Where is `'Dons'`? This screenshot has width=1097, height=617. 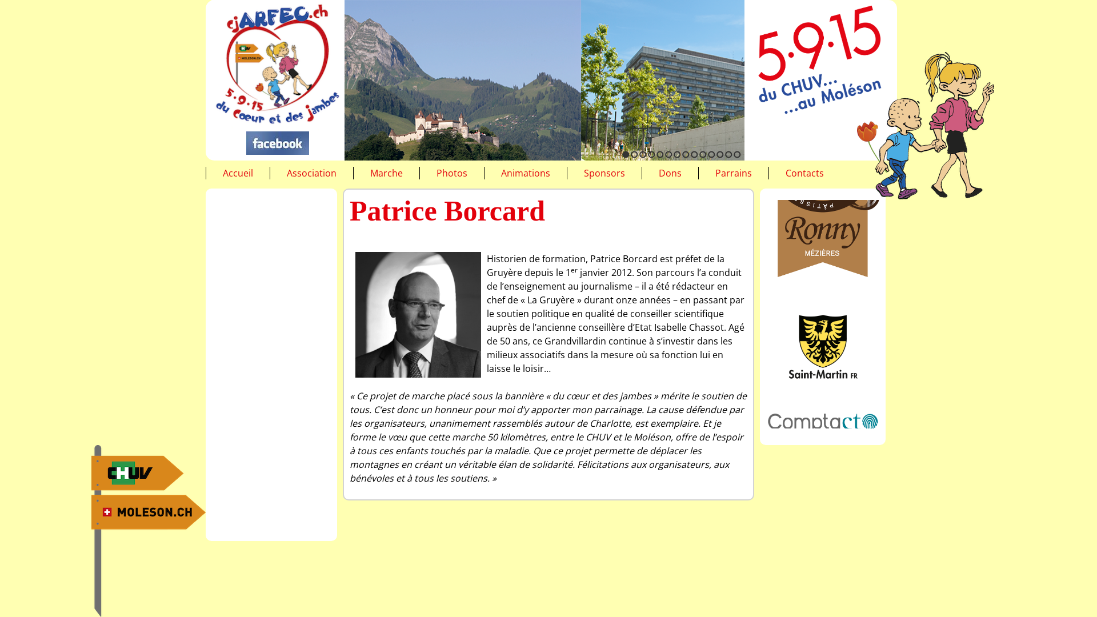 'Dons' is located at coordinates (658, 173).